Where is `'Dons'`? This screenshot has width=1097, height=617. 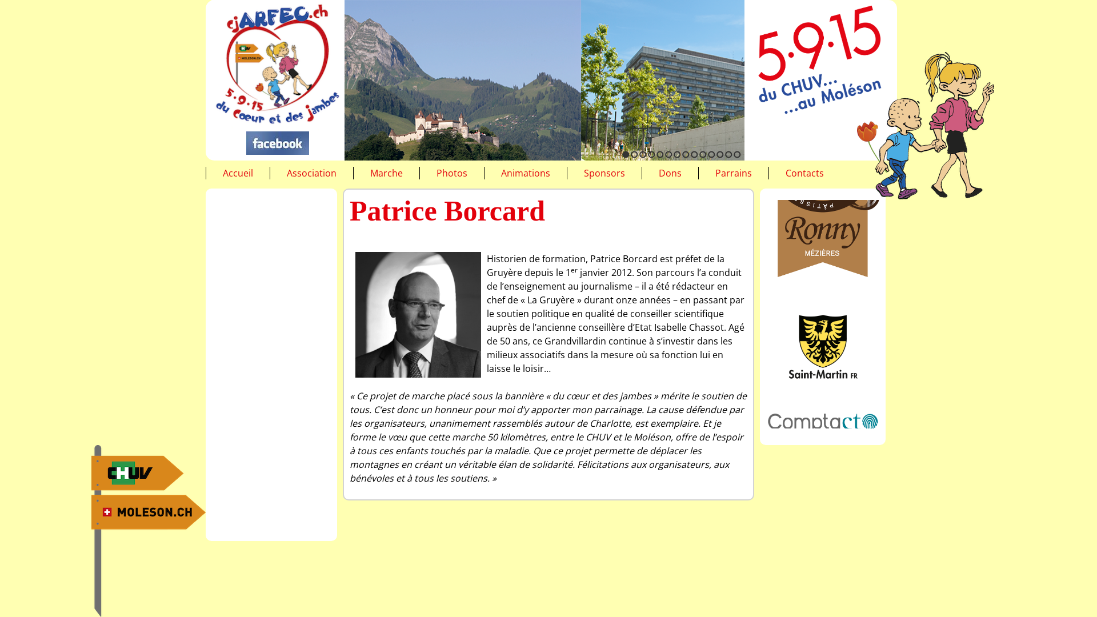 'Dons' is located at coordinates (658, 173).